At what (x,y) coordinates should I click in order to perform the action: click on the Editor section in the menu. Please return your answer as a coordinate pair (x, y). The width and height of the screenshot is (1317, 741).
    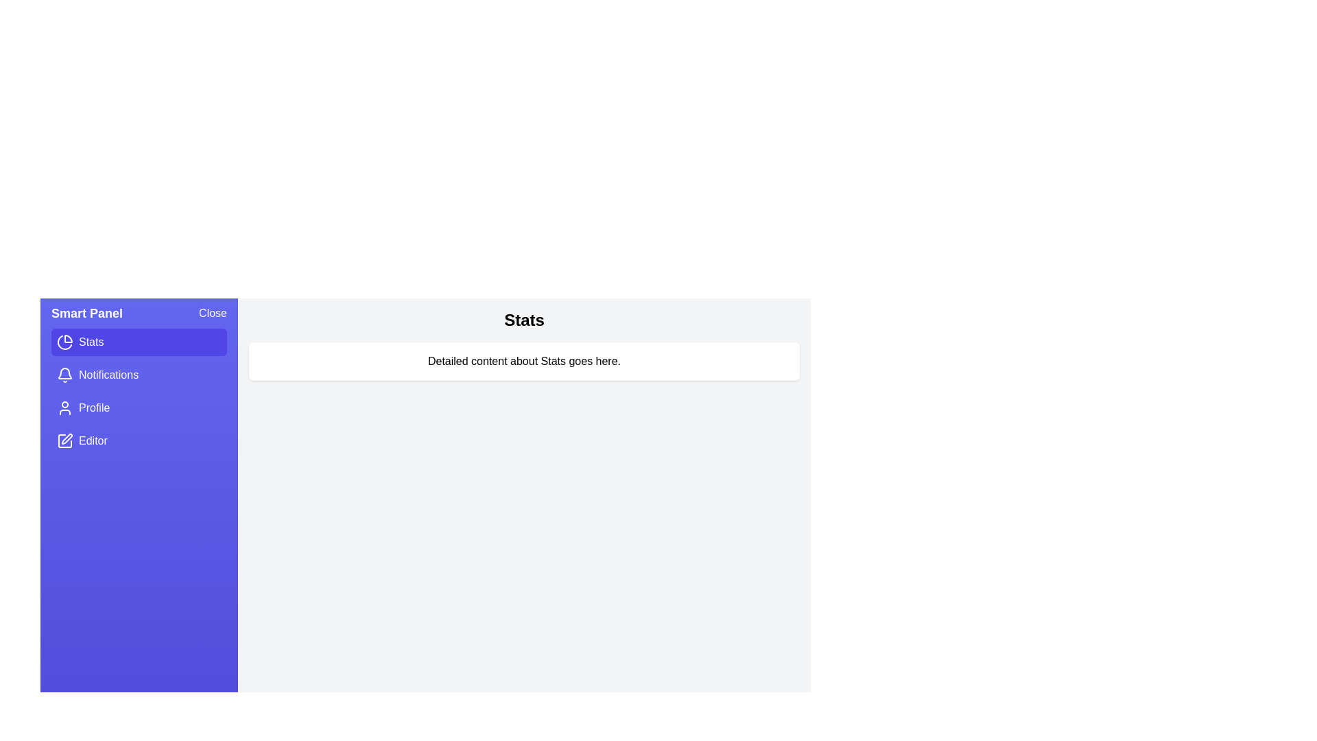
    Looking at the image, I should click on (139, 441).